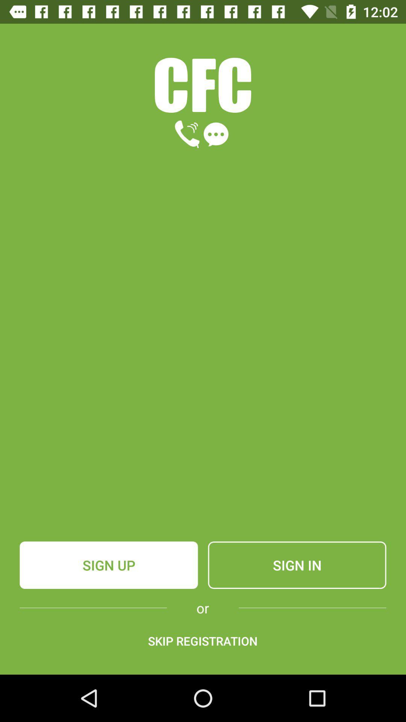  What do you see at coordinates (202, 640) in the screenshot?
I see `the icon below the or item` at bounding box center [202, 640].